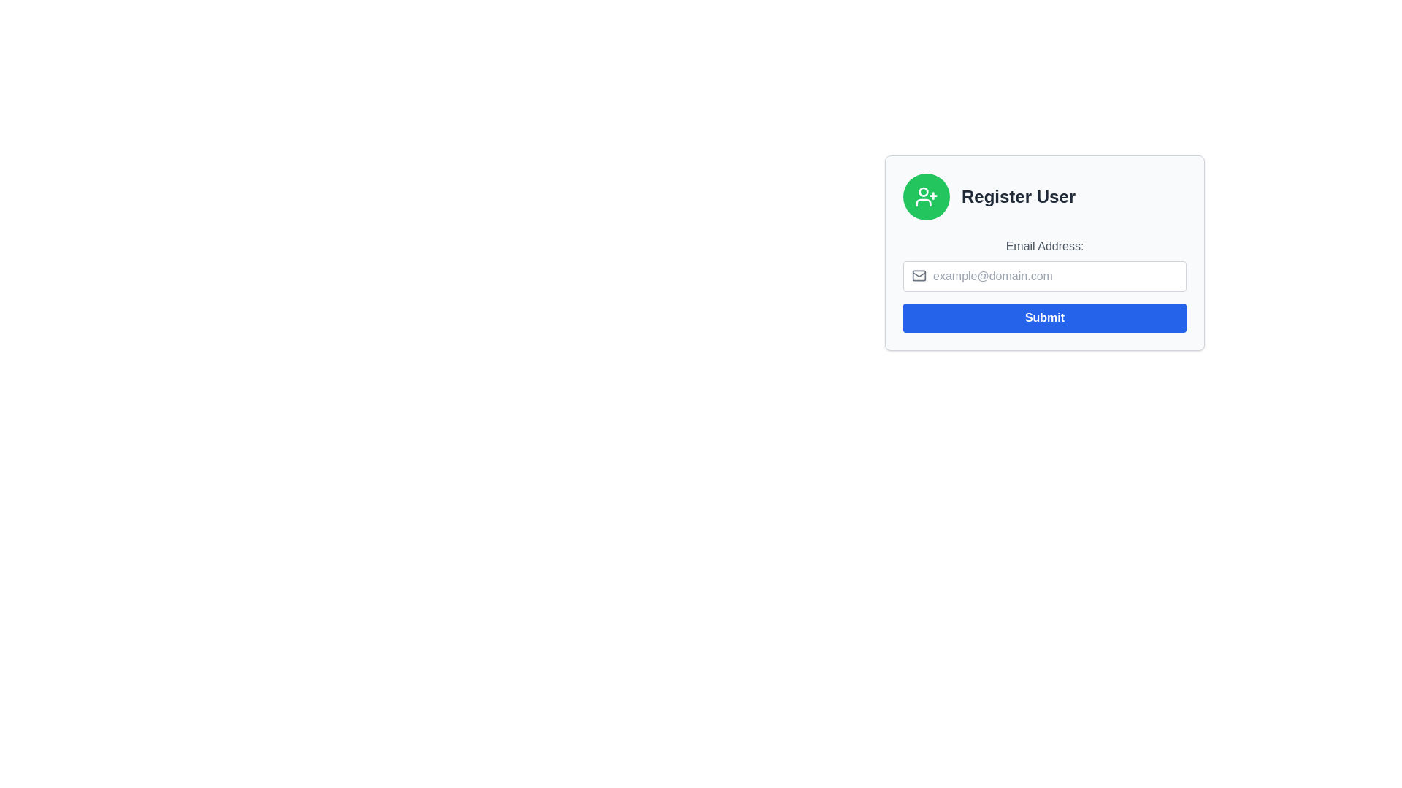  What do you see at coordinates (1018, 197) in the screenshot?
I see `the bold title text 'Register User', which is prominently displayed near the top of the user registration interface, aligned with a green user icon` at bounding box center [1018, 197].